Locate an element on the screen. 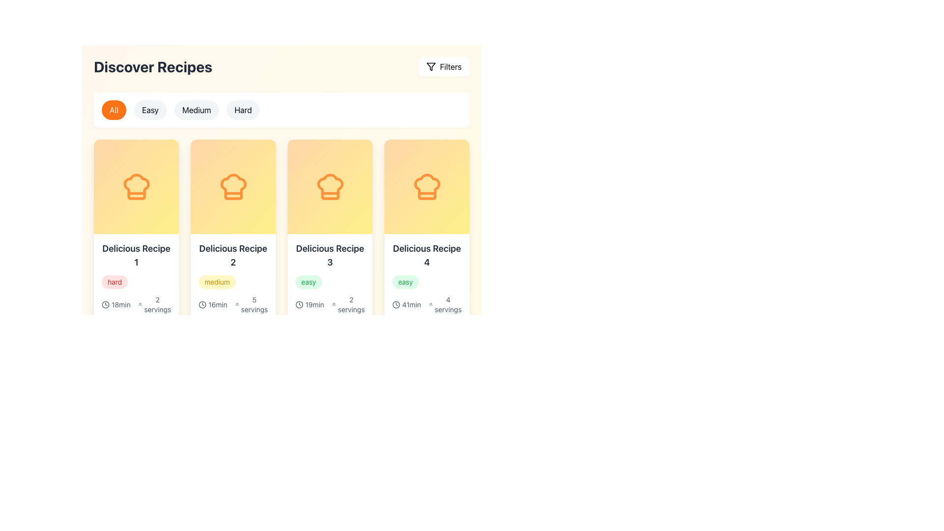  the 'Easy' button, which is the second button in a horizontal group at the top center of the interface, to apply the 'Easy' filter is located at coordinates (149, 110).